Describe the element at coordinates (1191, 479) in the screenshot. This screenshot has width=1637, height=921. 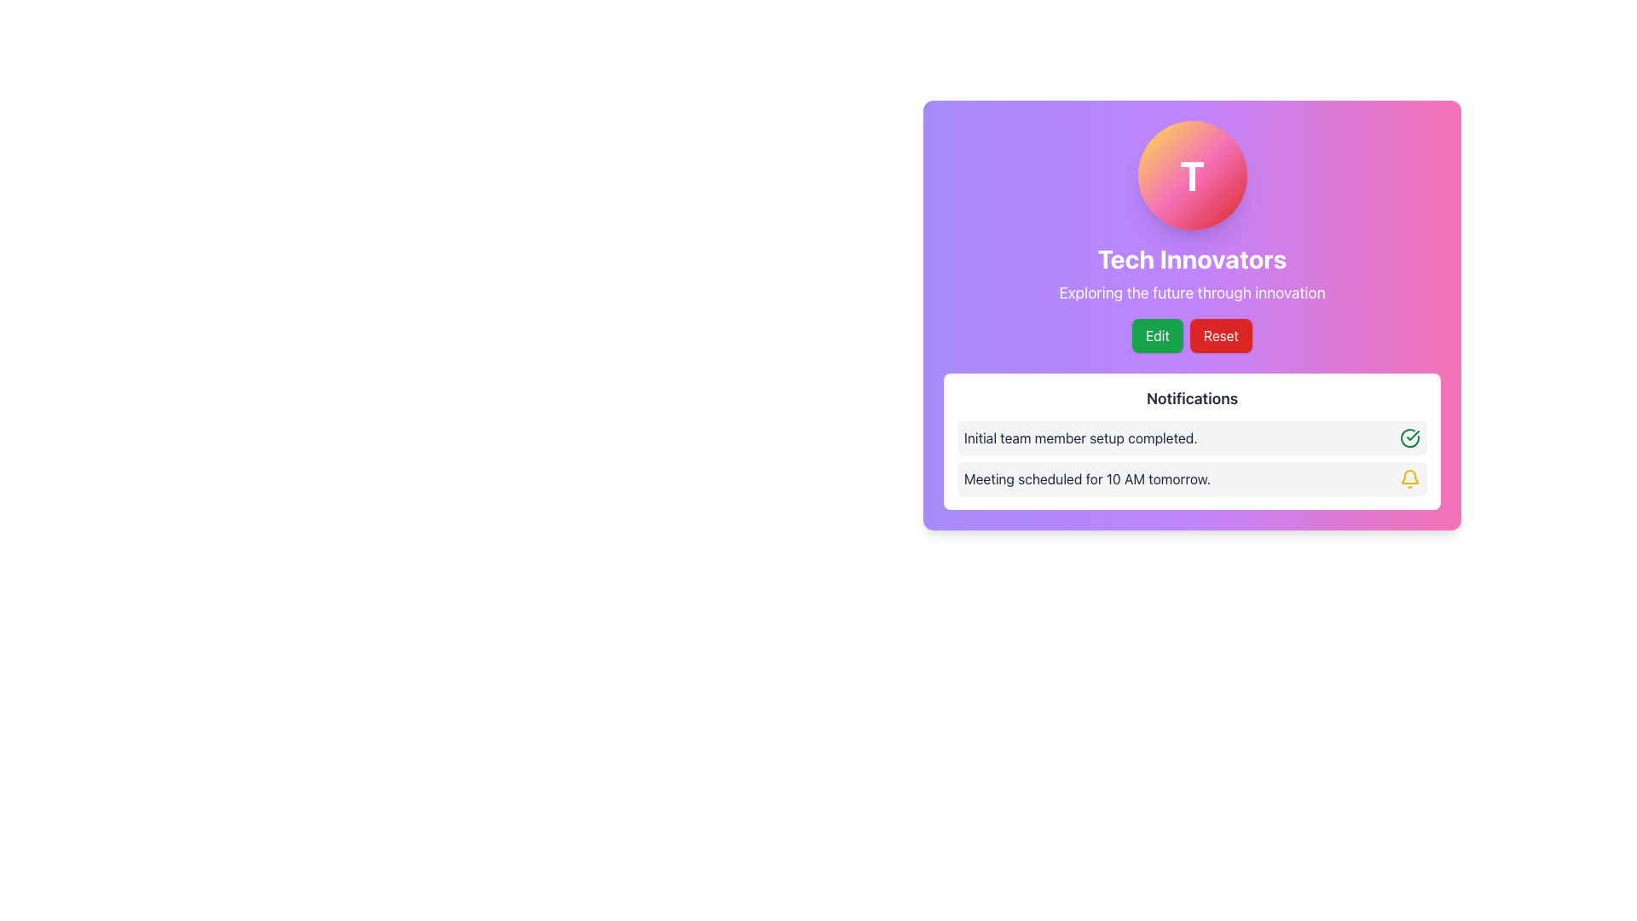
I see `notification text from the second notification in the Notifications section, which is indicated by a yellow bell icon and is positioned below the message 'Initial team member setup completed.'` at that location.